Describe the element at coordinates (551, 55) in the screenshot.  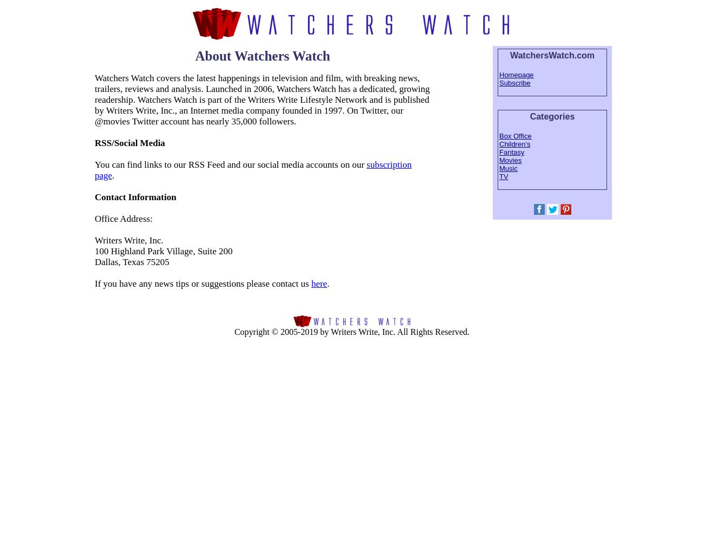
I see `'WatchersWatch.com'` at that location.